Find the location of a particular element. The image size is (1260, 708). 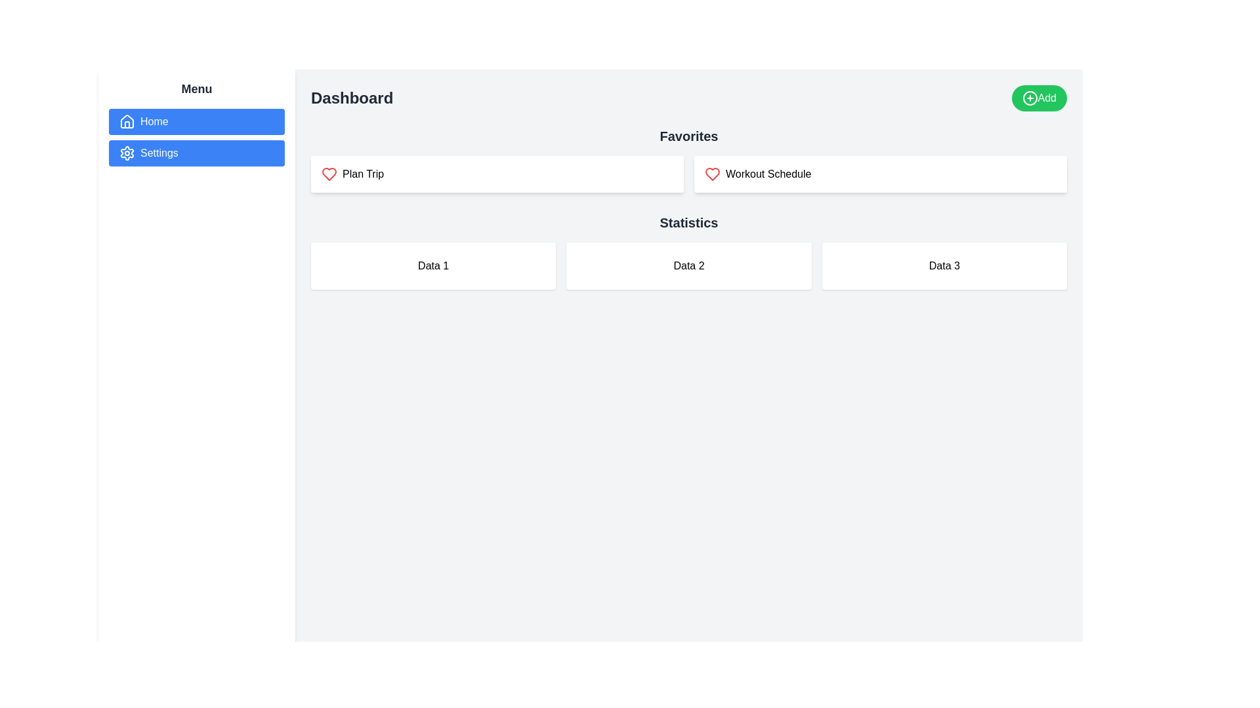

the 'Plan Trip' button is located at coordinates (497, 174).